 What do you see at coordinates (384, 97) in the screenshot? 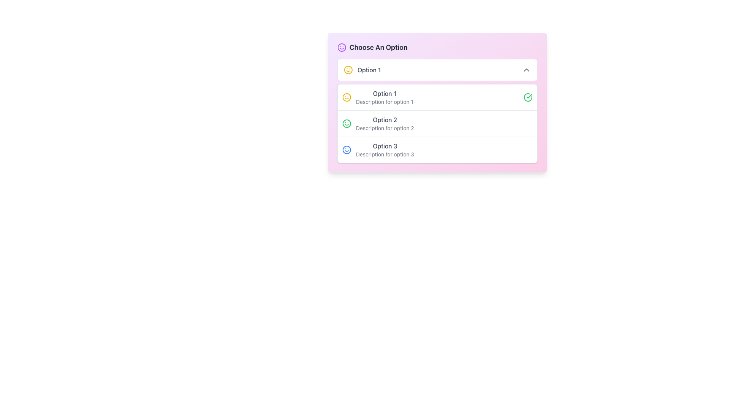
I see `the first selectable option labeled 'Option 1' in the list, located in the second row of the card-like interface, immediately following the header 'Choose An Option'` at bounding box center [384, 97].